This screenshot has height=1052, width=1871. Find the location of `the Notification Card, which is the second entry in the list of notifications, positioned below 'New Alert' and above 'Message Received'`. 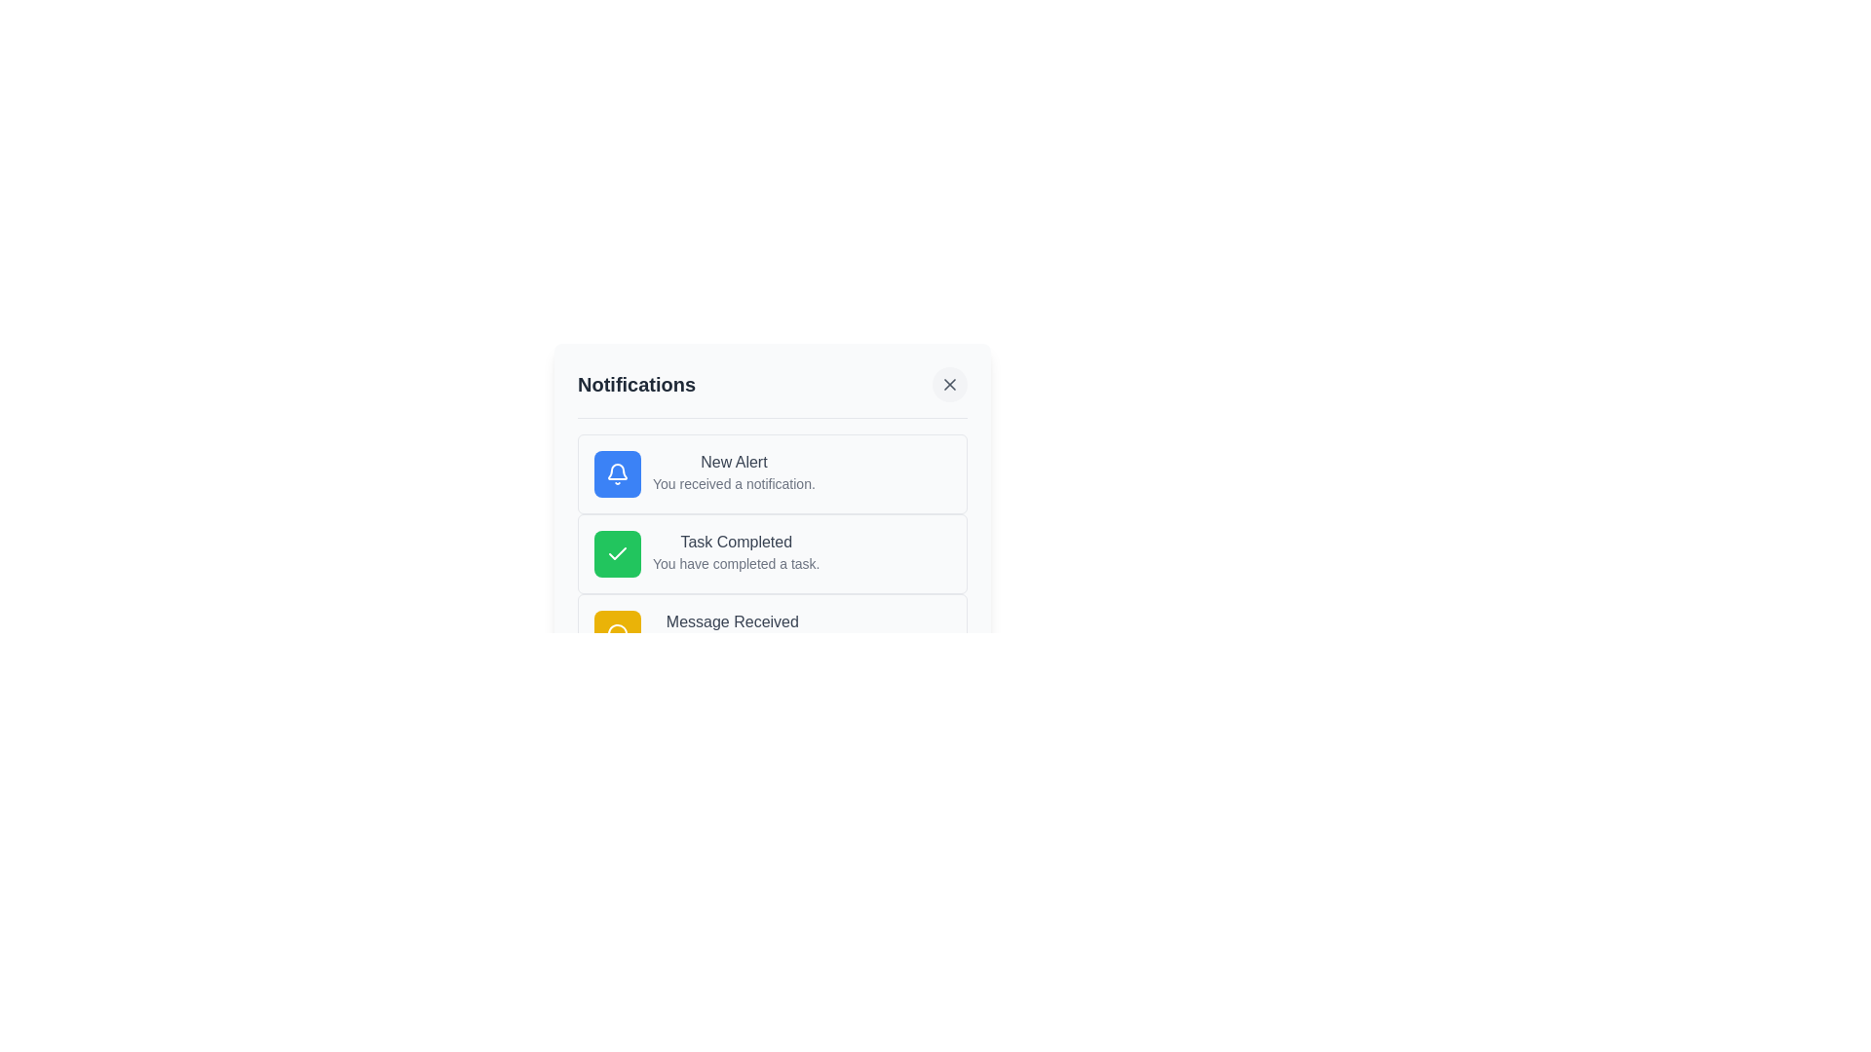

the Notification Card, which is the second entry in the list of notifications, positioned below 'New Alert' and above 'Message Received' is located at coordinates (771, 554).